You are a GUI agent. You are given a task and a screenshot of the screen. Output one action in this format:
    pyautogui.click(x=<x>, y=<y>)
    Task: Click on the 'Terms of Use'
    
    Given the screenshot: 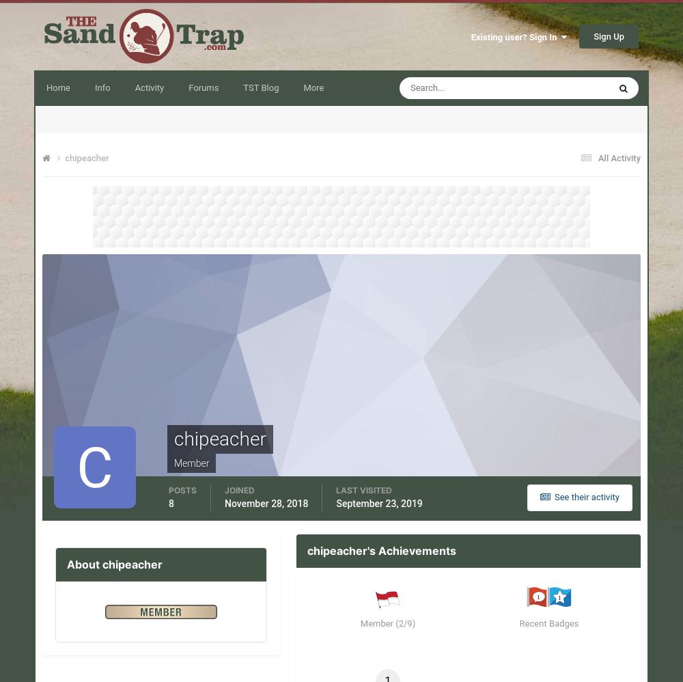 What is the action you would take?
    pyautogui.click(x=95, y=665)
    